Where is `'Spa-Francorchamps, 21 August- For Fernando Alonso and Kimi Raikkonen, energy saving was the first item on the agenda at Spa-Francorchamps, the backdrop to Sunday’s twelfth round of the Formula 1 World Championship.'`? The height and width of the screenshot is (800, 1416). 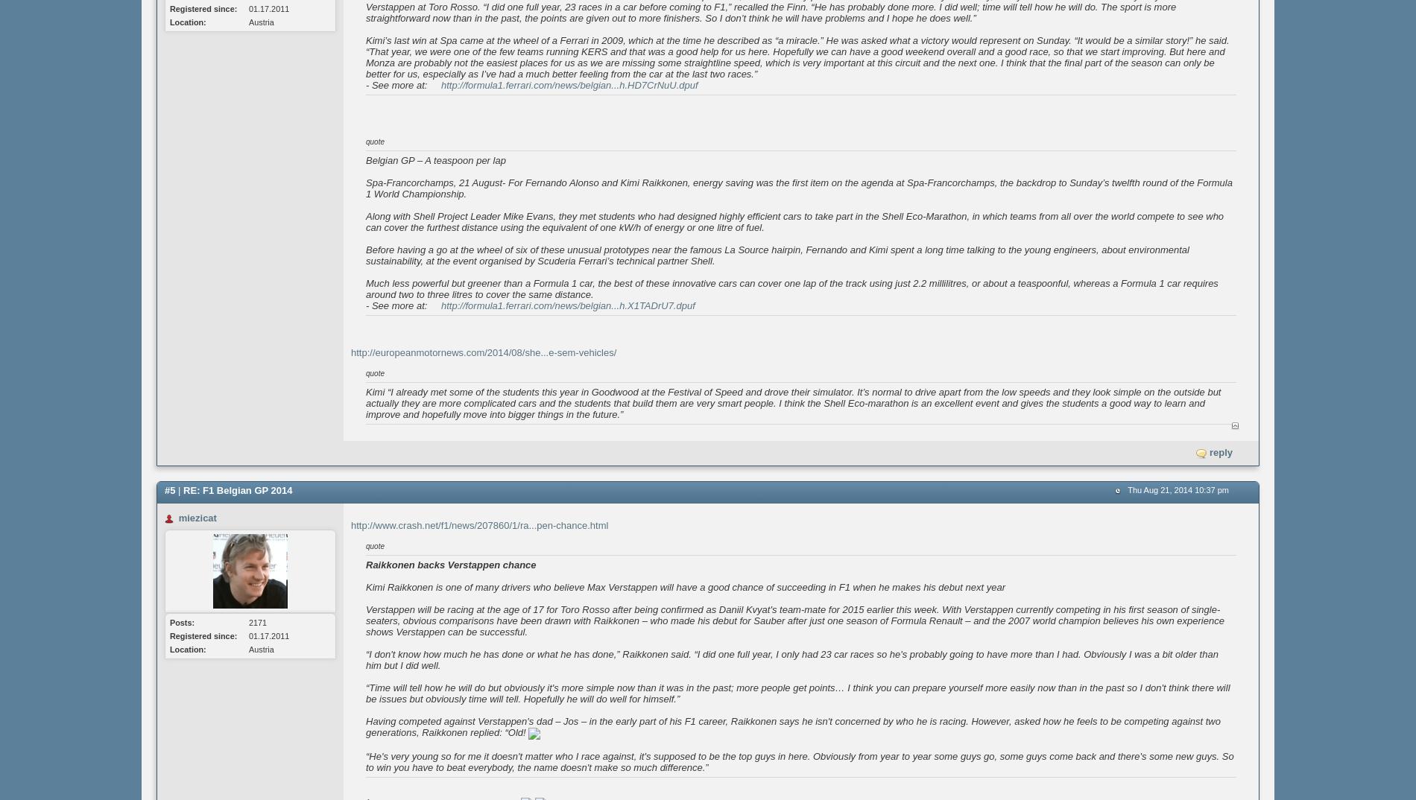 'Spa-Francorchamps, 21 August- For Fernando Alonso and Kimi Raikkonen, energy saving was the first item on the agenda at Spa-Francorchamps, the backdrop to Sunday’s twelfth round of the Formula 1 World Championship.' is located at coordinates (798, 188).